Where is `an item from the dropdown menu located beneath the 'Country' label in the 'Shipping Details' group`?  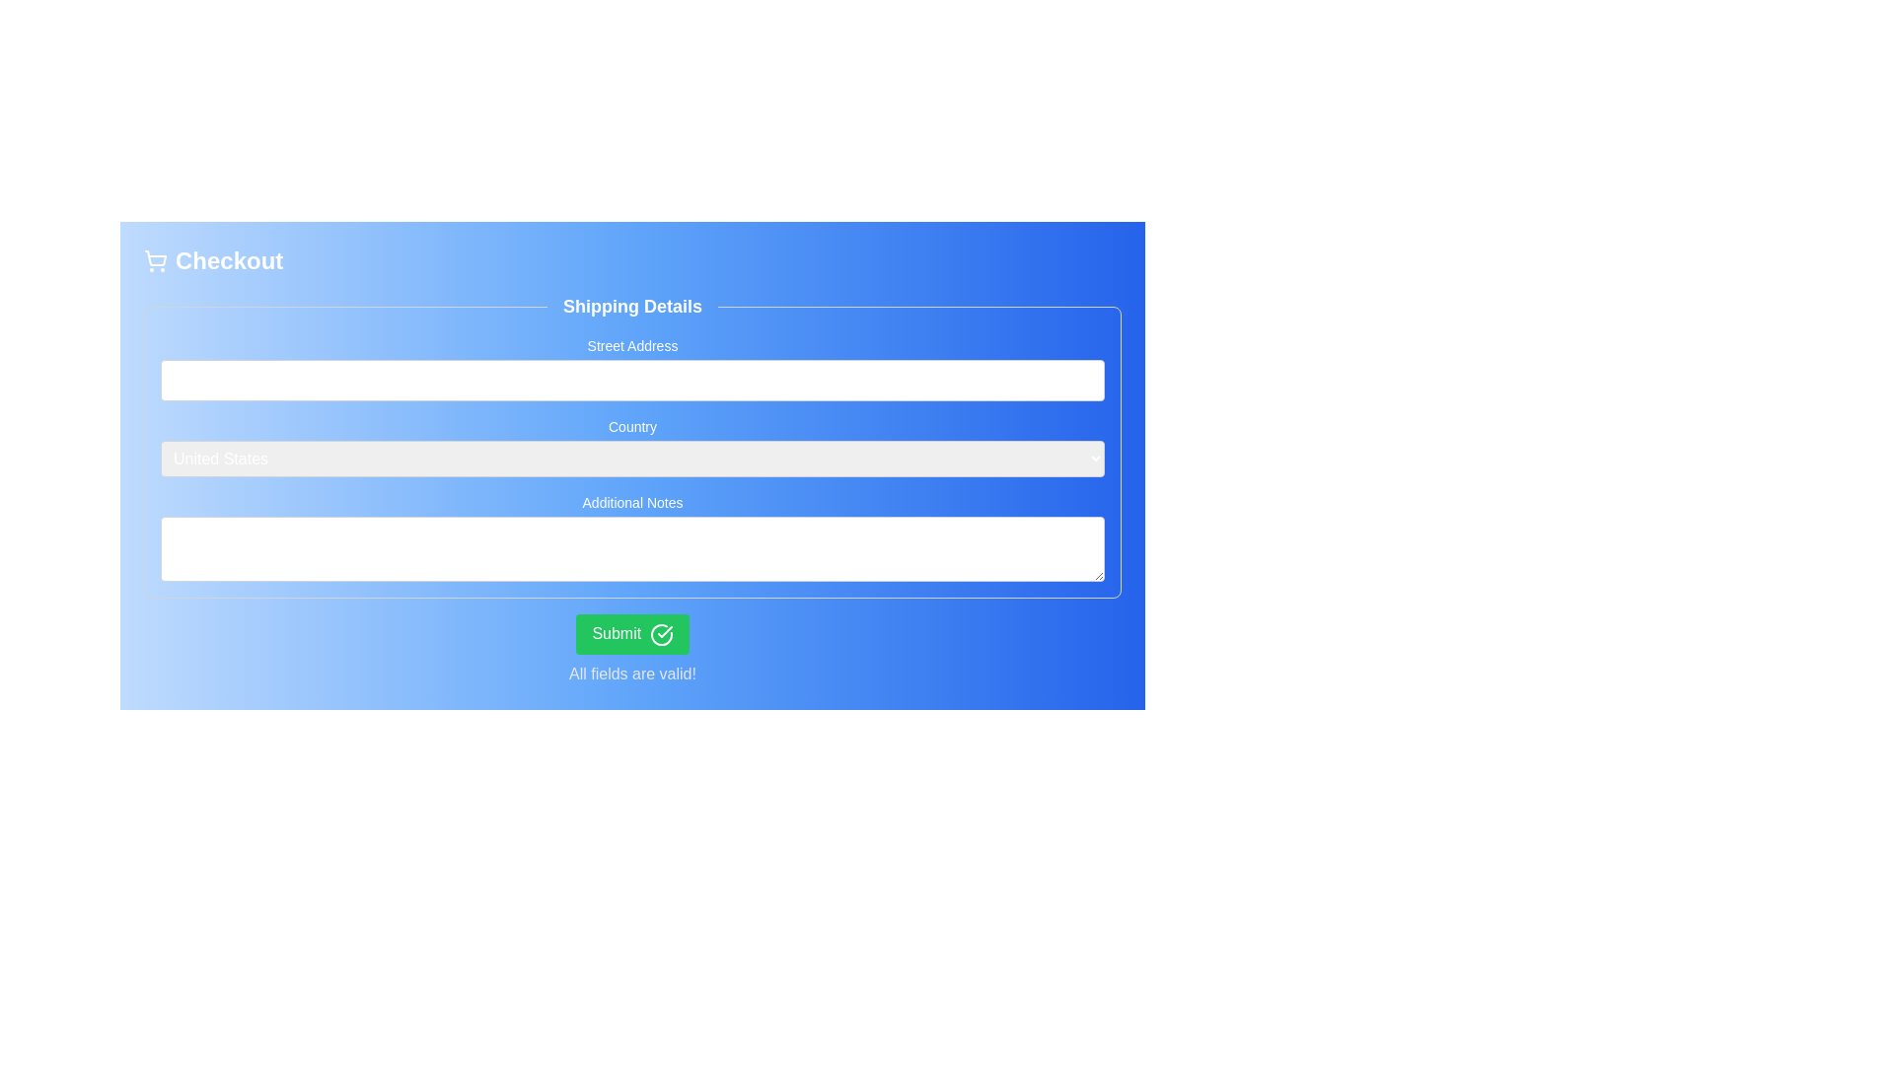 an item from the dropdown menu located beneath the 'Country' label in the 'Shipping Details' group is located at coordinates (632, 459).